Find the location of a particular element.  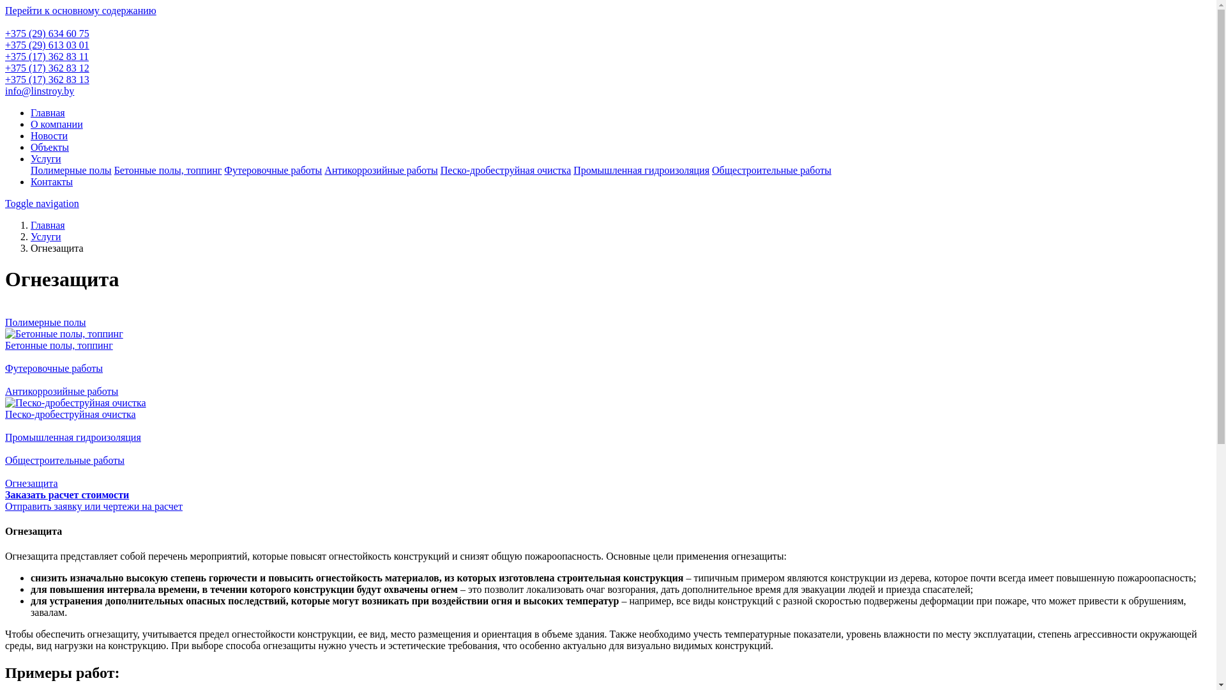

'info@linstroy.by' is located at coordinates (40, 90).